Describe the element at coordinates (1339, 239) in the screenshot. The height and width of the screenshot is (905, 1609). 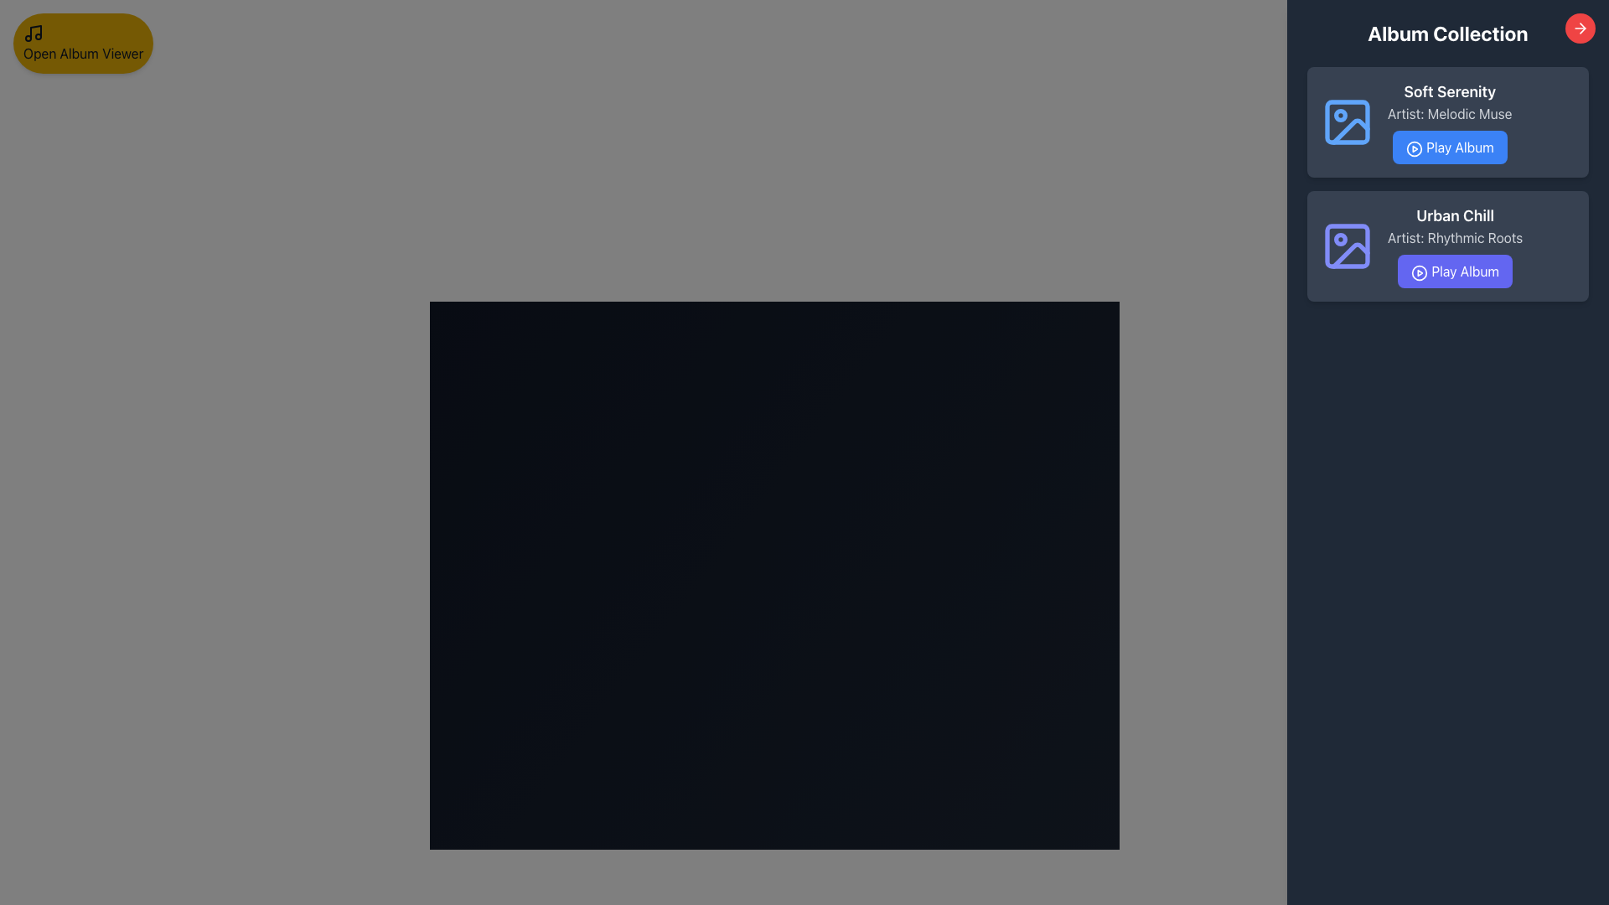
I see `the small circular dot located in the top-right part of the second album entry's icon` at that location.